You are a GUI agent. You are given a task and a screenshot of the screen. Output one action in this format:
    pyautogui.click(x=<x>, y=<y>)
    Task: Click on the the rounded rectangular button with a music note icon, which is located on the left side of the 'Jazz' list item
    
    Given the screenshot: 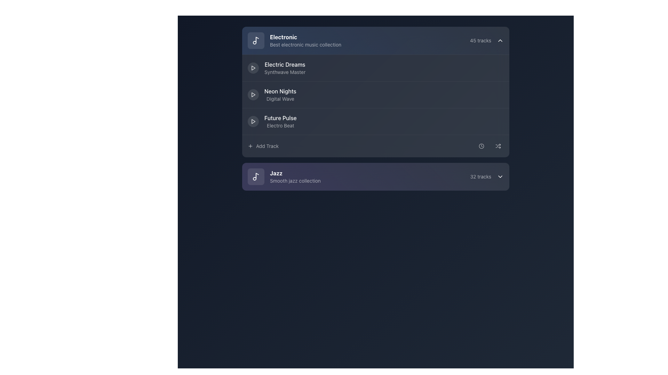 What is the action you would take?
    pyautogui.click(x=255, y=176)
    